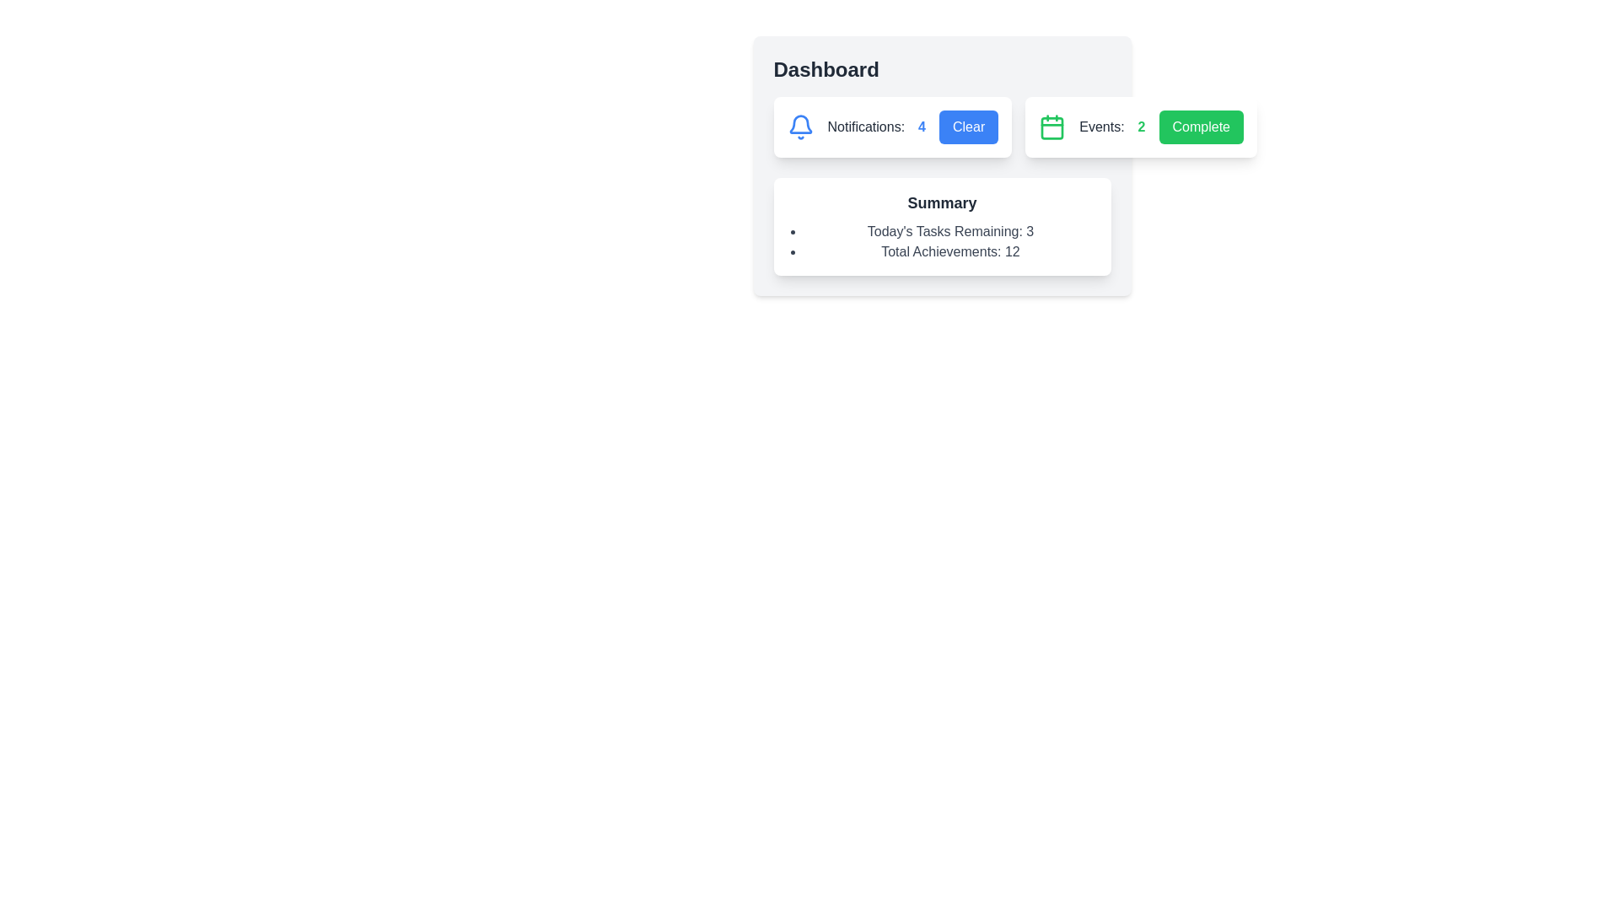  I want to click on the Text label that indicates the event count, positioned centrally between a green calendar icon and the number '2' in green text, so click(1101, 126).